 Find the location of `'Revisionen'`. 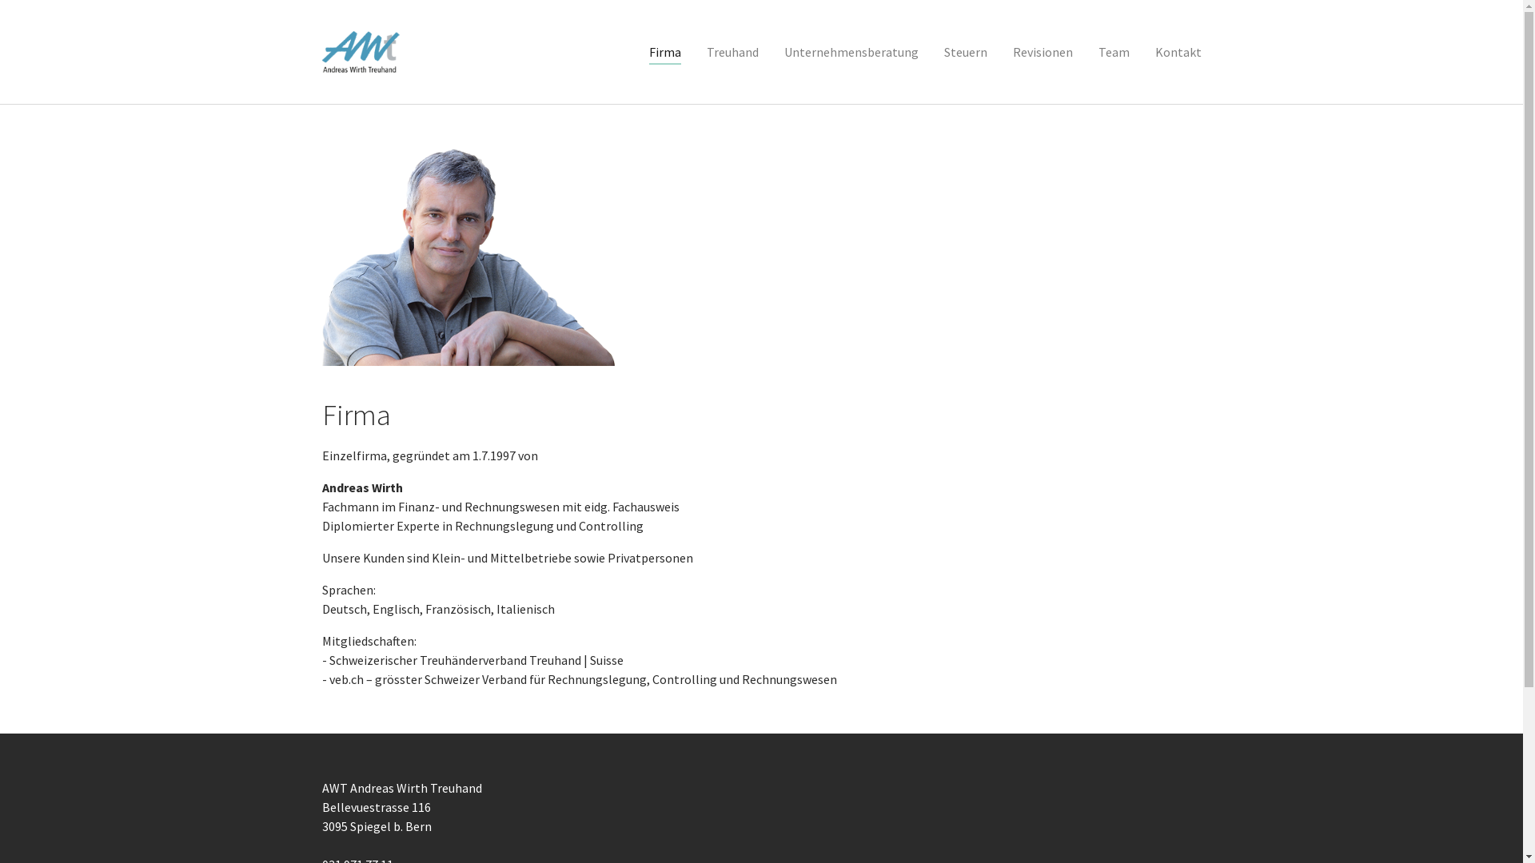

'Revisionen' is located at coordinates (1042, 51).